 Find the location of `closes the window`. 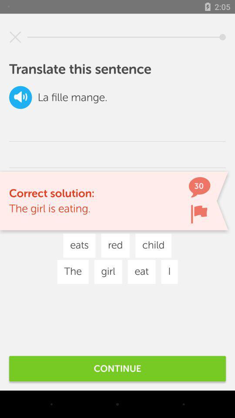

closes the window is located at coordinates (15, 37).